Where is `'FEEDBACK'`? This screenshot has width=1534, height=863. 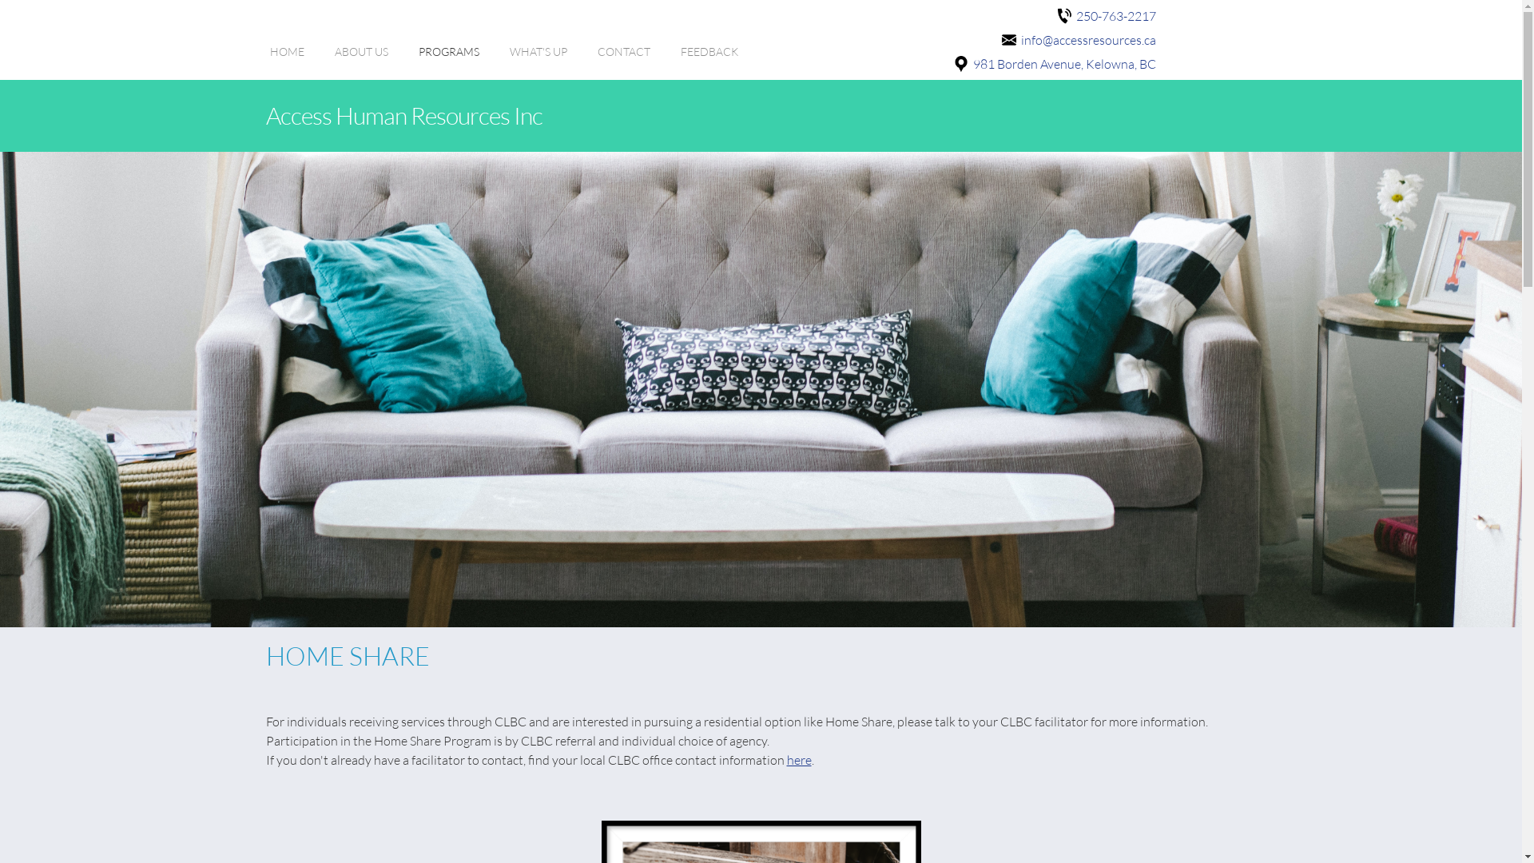 'FEEDBACK' is located at coordinates (709, 58).